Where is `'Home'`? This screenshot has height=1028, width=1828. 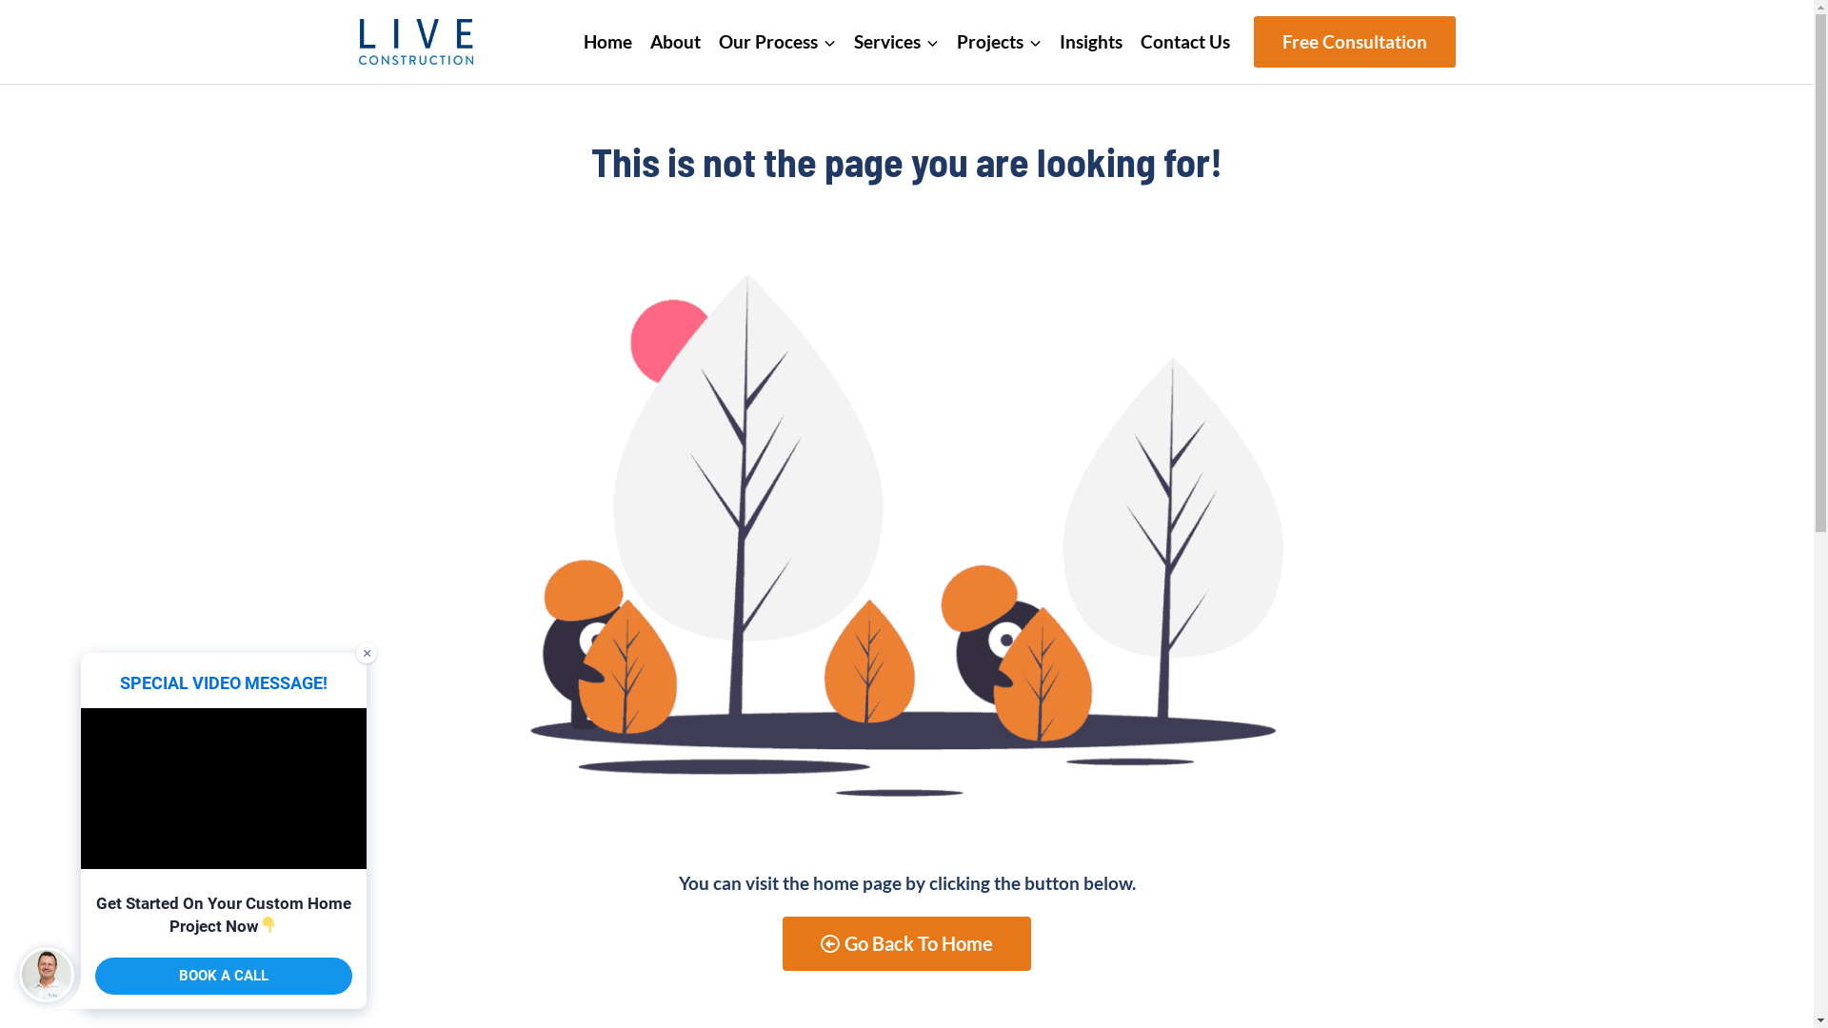 'Home' is located at coordinates (606, 41).